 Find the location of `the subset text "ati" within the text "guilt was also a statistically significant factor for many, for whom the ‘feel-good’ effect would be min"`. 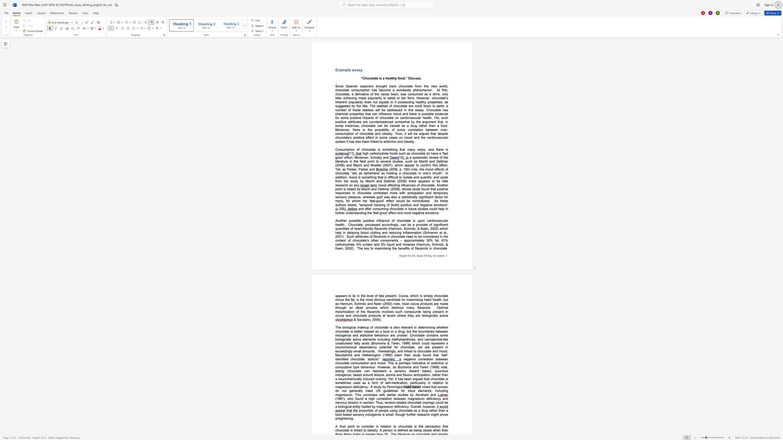

the subset text "ati" within the text "guilt was also a statistically significant factor for many, for whom the ‘feel-good’ effect would be min" is located at coordinates (404, 197).